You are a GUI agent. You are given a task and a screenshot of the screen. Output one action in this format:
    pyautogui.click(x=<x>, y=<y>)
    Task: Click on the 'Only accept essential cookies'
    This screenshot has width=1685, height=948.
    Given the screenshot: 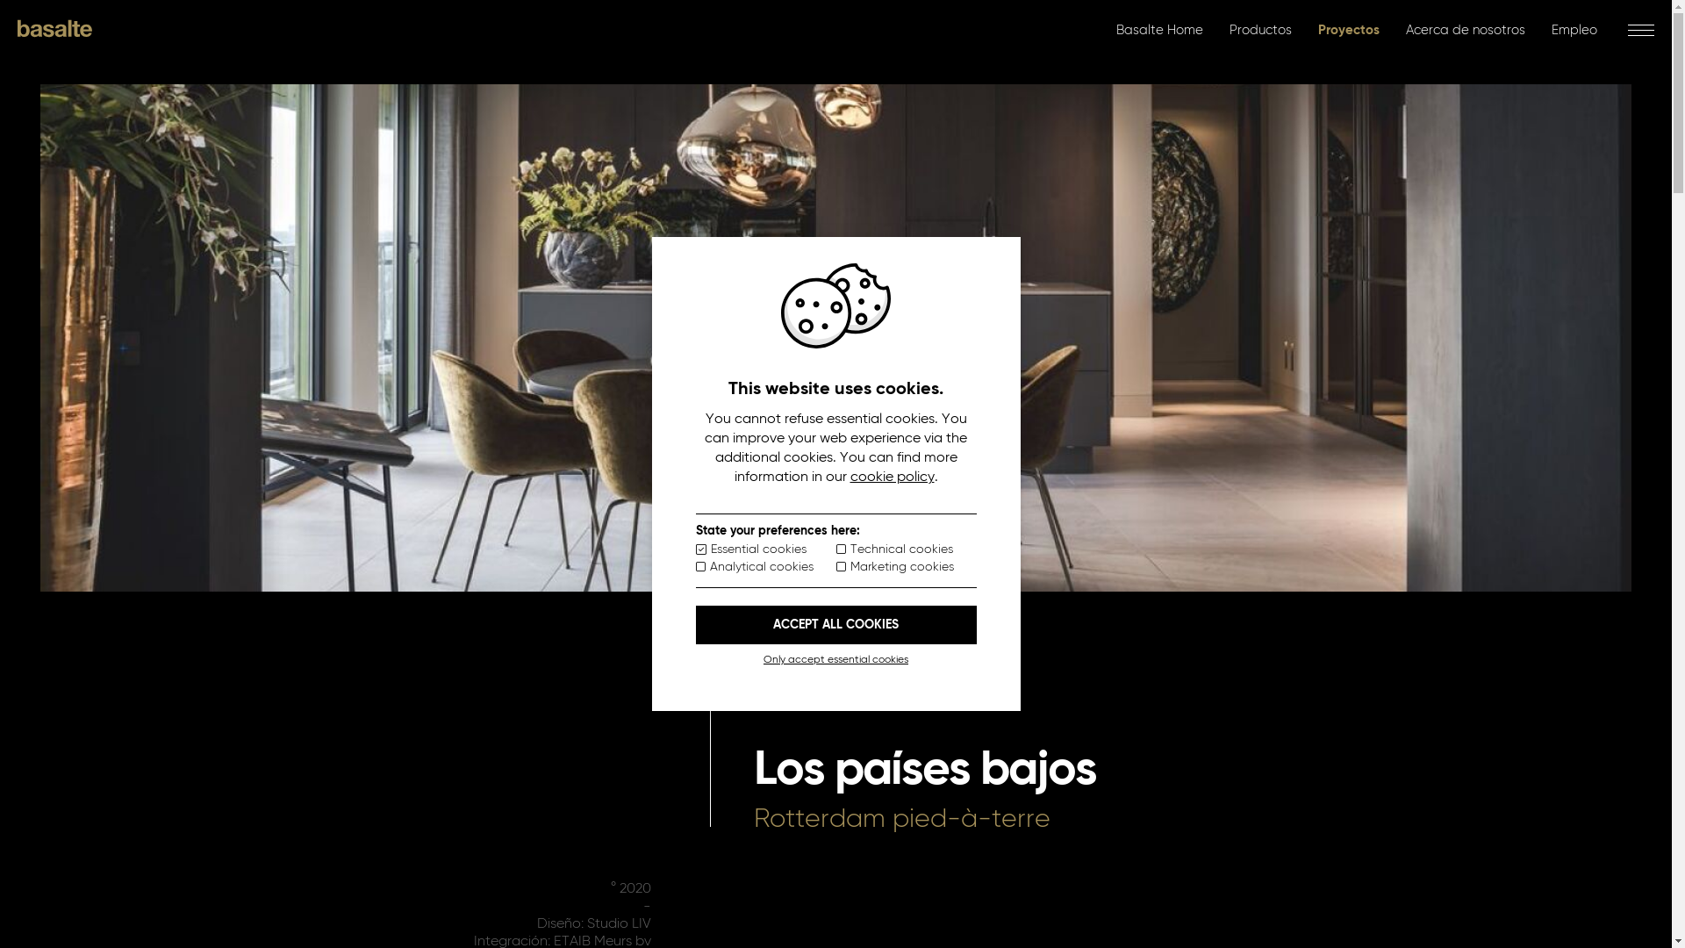 What is the action you would take?
    pyautogui.click(x=834, y=660)
    